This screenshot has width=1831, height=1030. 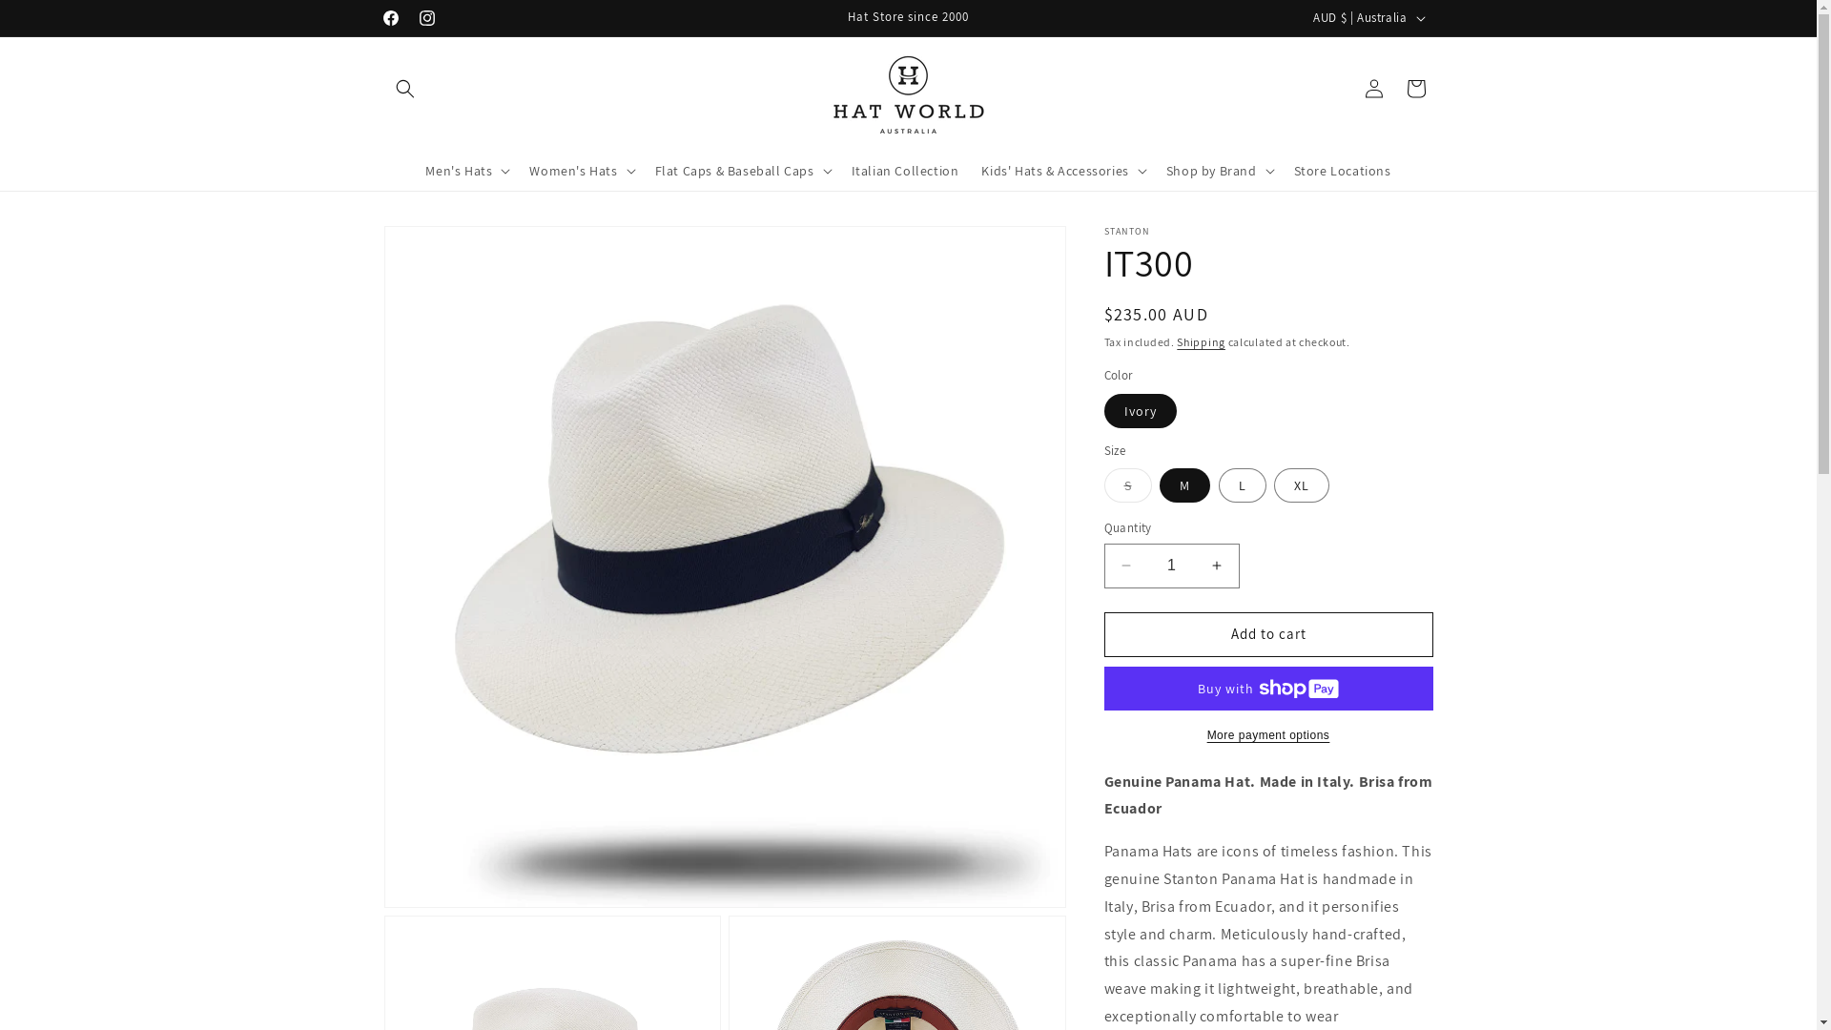 I want to click on 'Skip to product information', so click(x=440, y=246).